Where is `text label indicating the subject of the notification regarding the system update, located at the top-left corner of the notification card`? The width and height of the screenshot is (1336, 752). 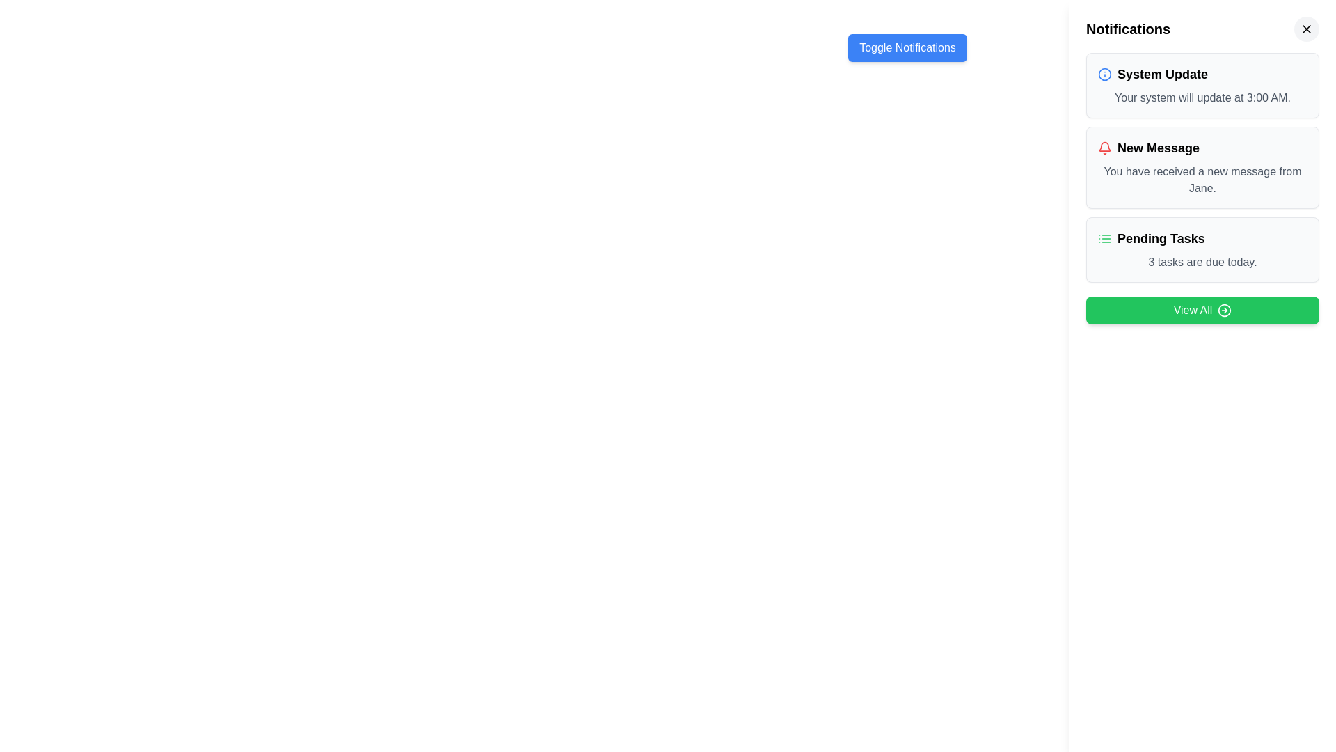 text label indicating the subject of the notification regarding the system update, located at the top-left corner of the notification card is located at coordinates (1202, 75).